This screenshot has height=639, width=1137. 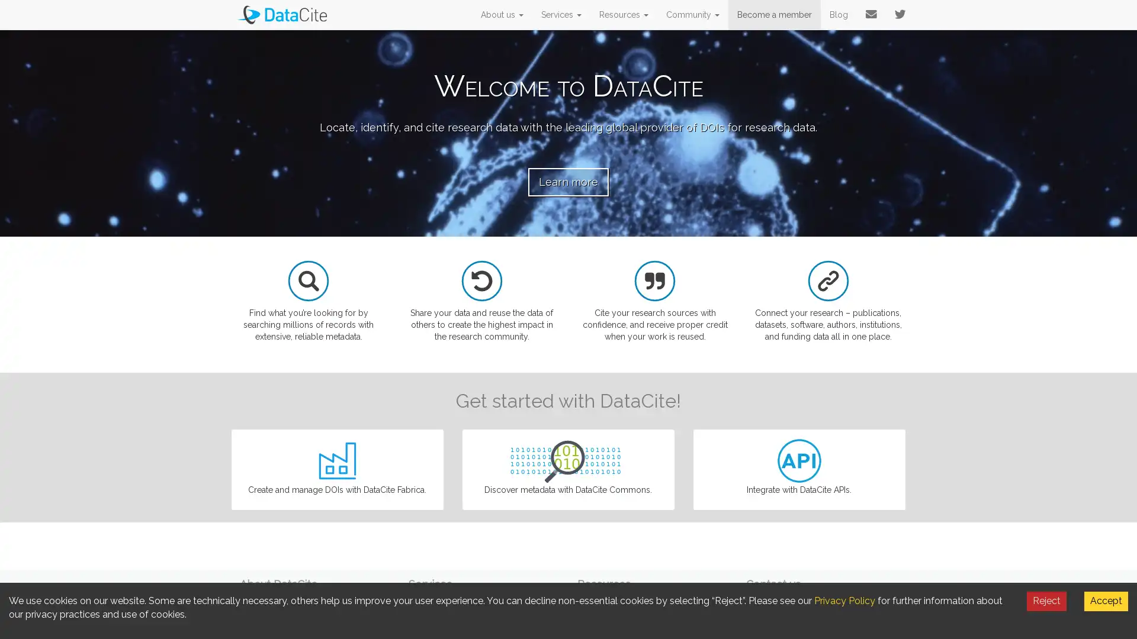 What do you see at coordinates (568, 182) in the screenshot?
I see `Learn more` at bounding box center [568, 182].